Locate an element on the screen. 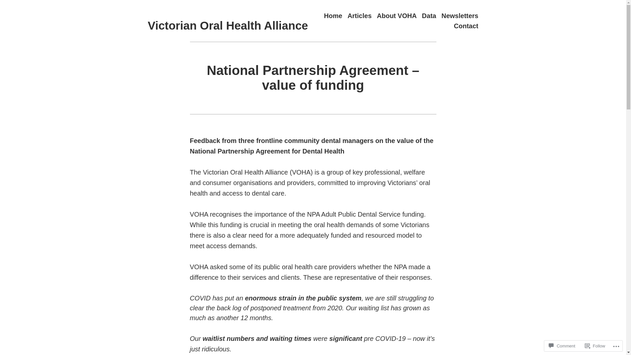 This screenshot has height=355, width=631. 'Comment' is located at coordinates (546, 345).